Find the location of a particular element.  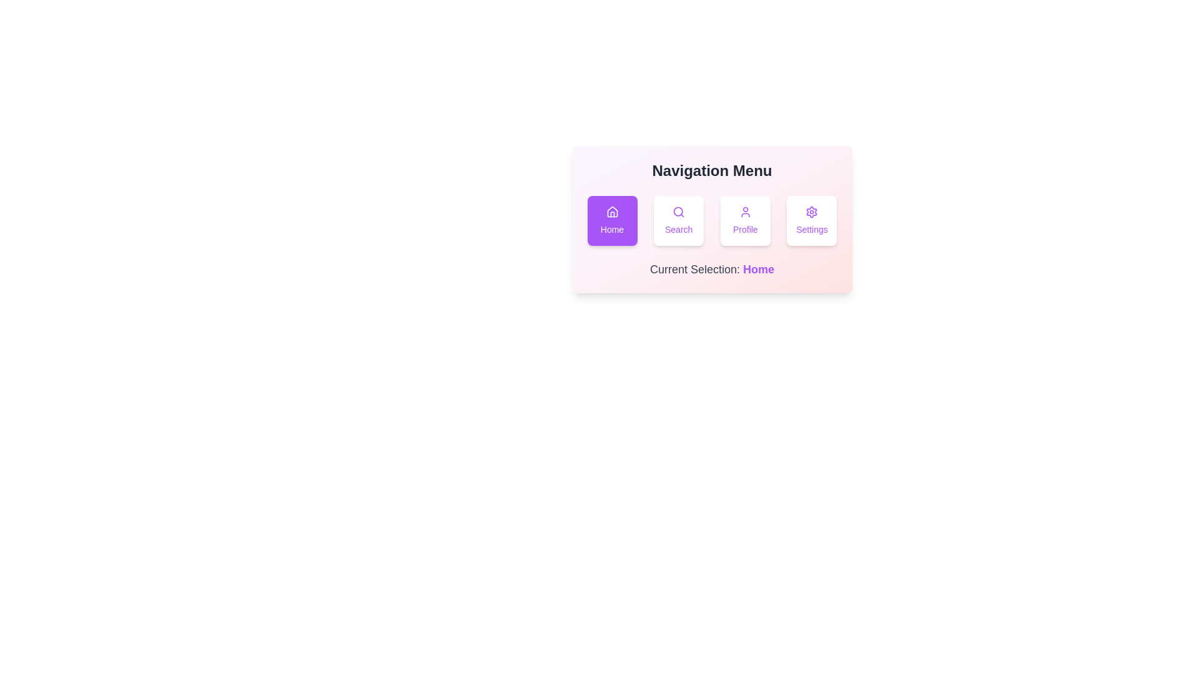

the Profile button to observe its hover animation is located at coordinates (745, 220).